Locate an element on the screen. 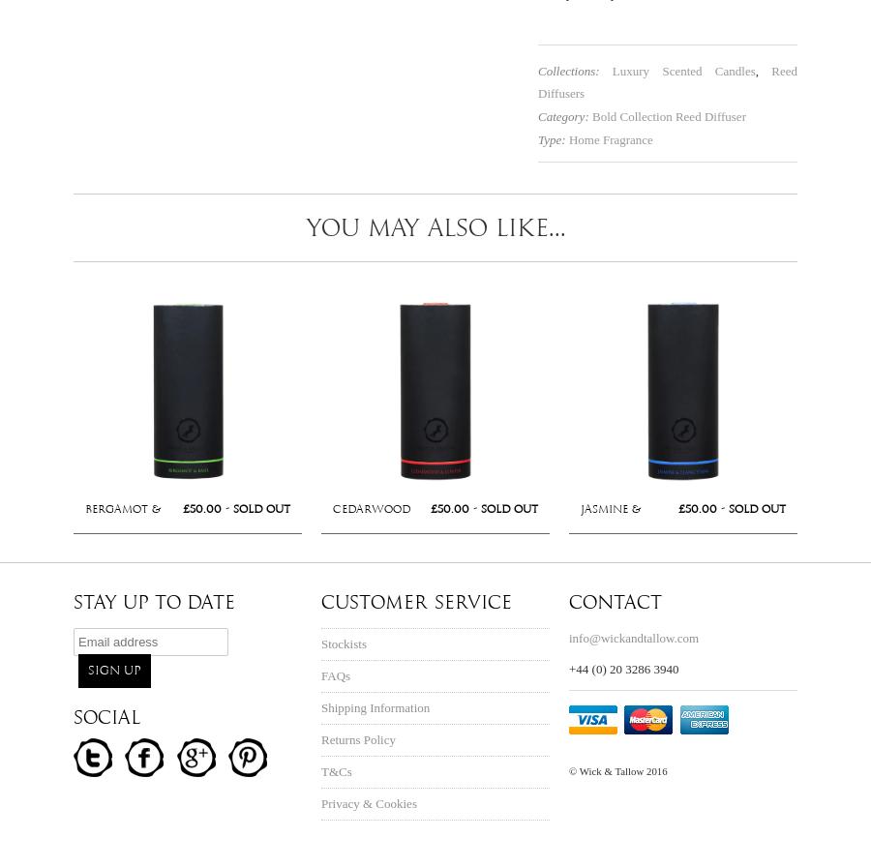 The height and width of the screenshot is (868, 871). 'Reed Diffusers' is located at coordinates (667, 80).